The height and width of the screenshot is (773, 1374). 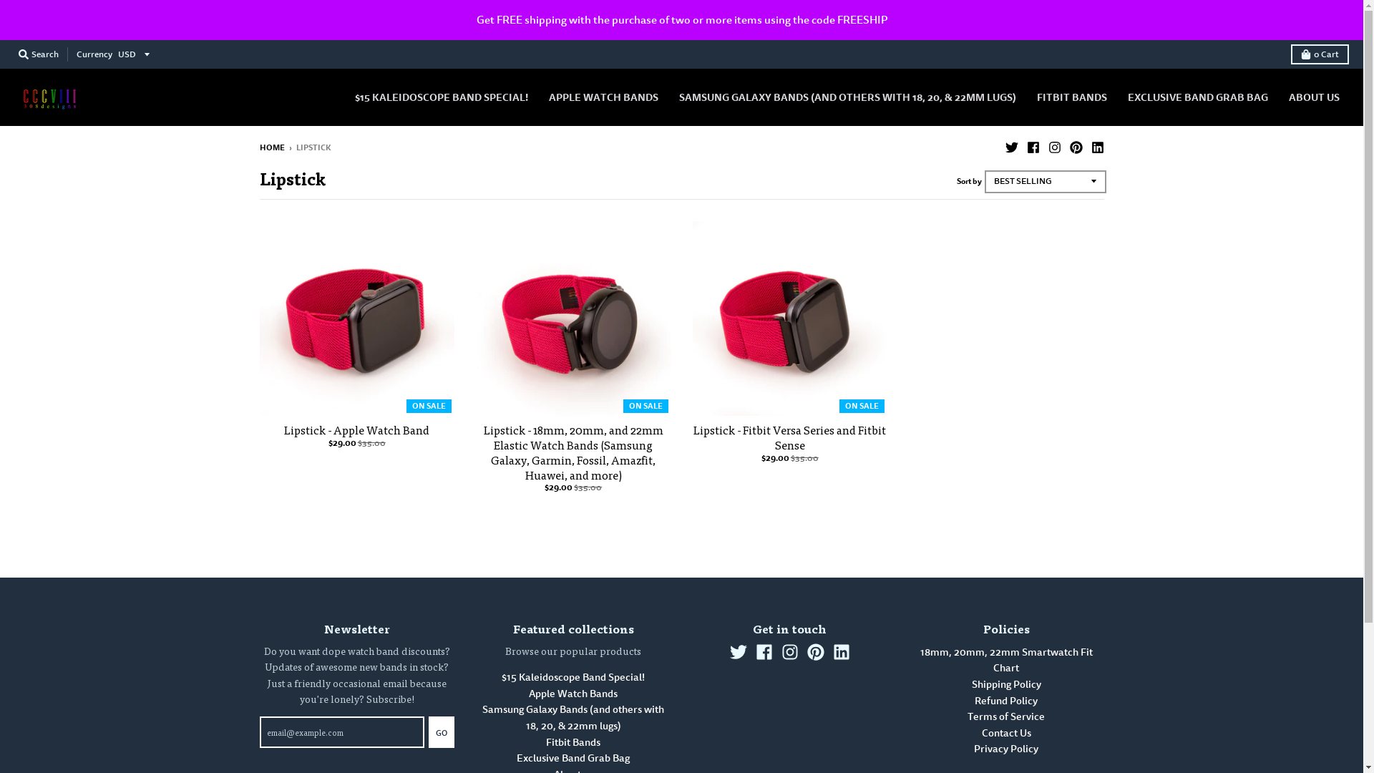 What do you see at coordinates (441, 97) in the screenshot?
I see `'$15 KALEIDOSCOPE BAND SPECIAL!'` at bounding box center [441, 97].